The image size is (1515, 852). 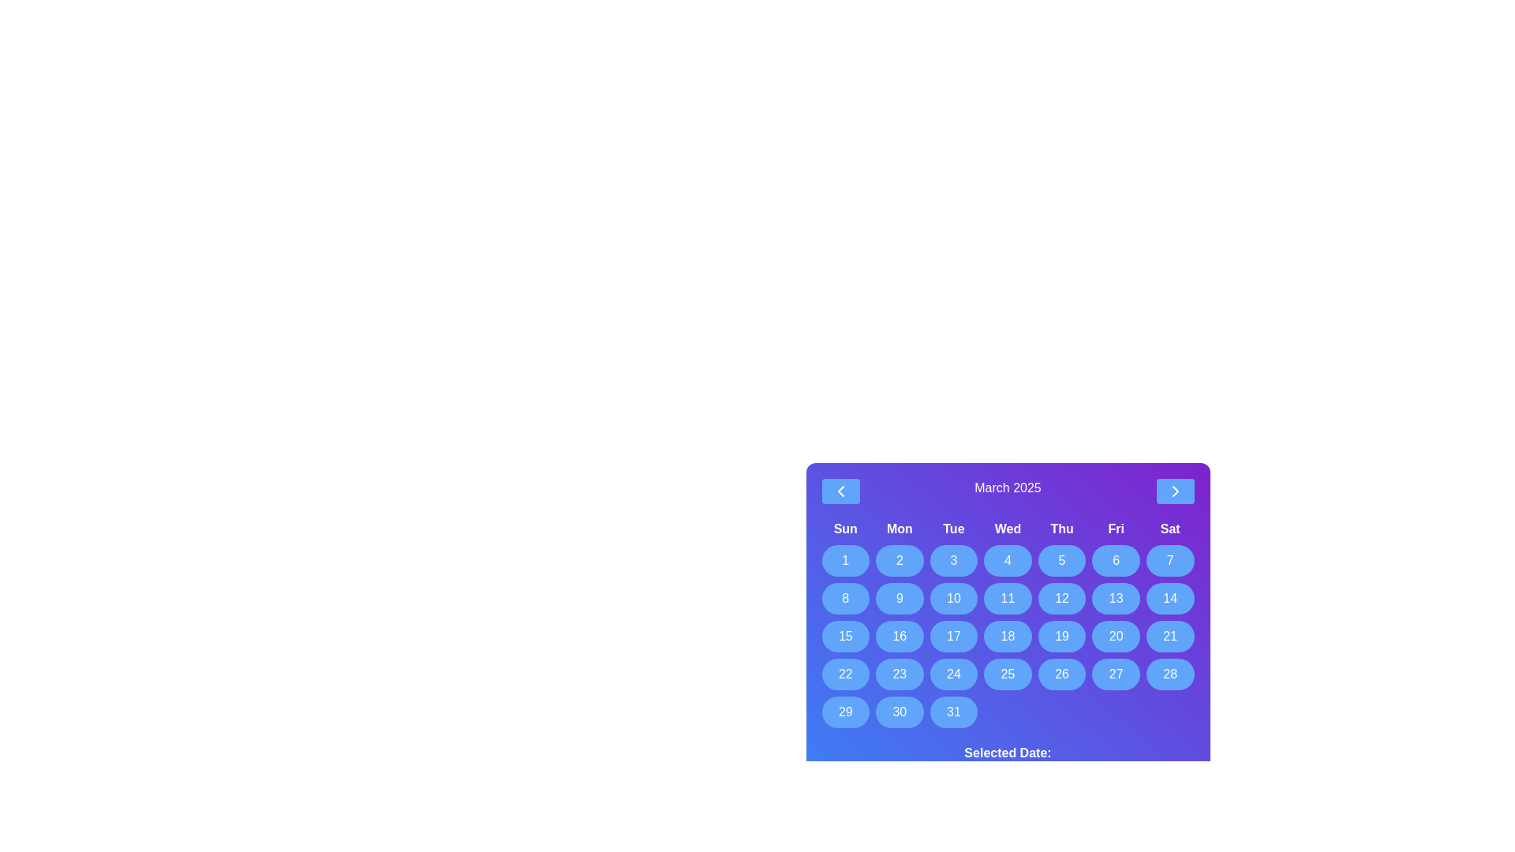 What do you see at coordinates (1007, 622) in the screenshot?
I see `a specific date within the calendar grid located under the header 'March 2025'` at bounding box center [1007, 622].